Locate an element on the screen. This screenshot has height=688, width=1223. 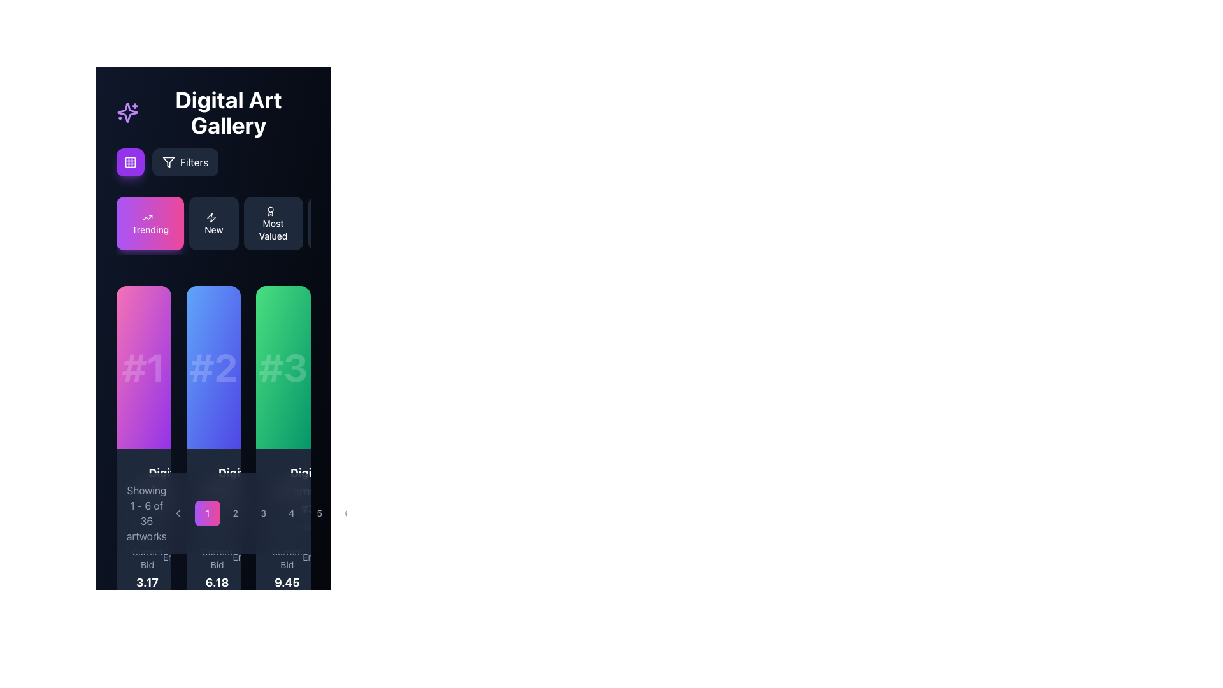
the static text label that informs the user of the range of items displayed, located slightly left of center in a sticky footer at the bottom of the page is located at coordinates (147, 513).